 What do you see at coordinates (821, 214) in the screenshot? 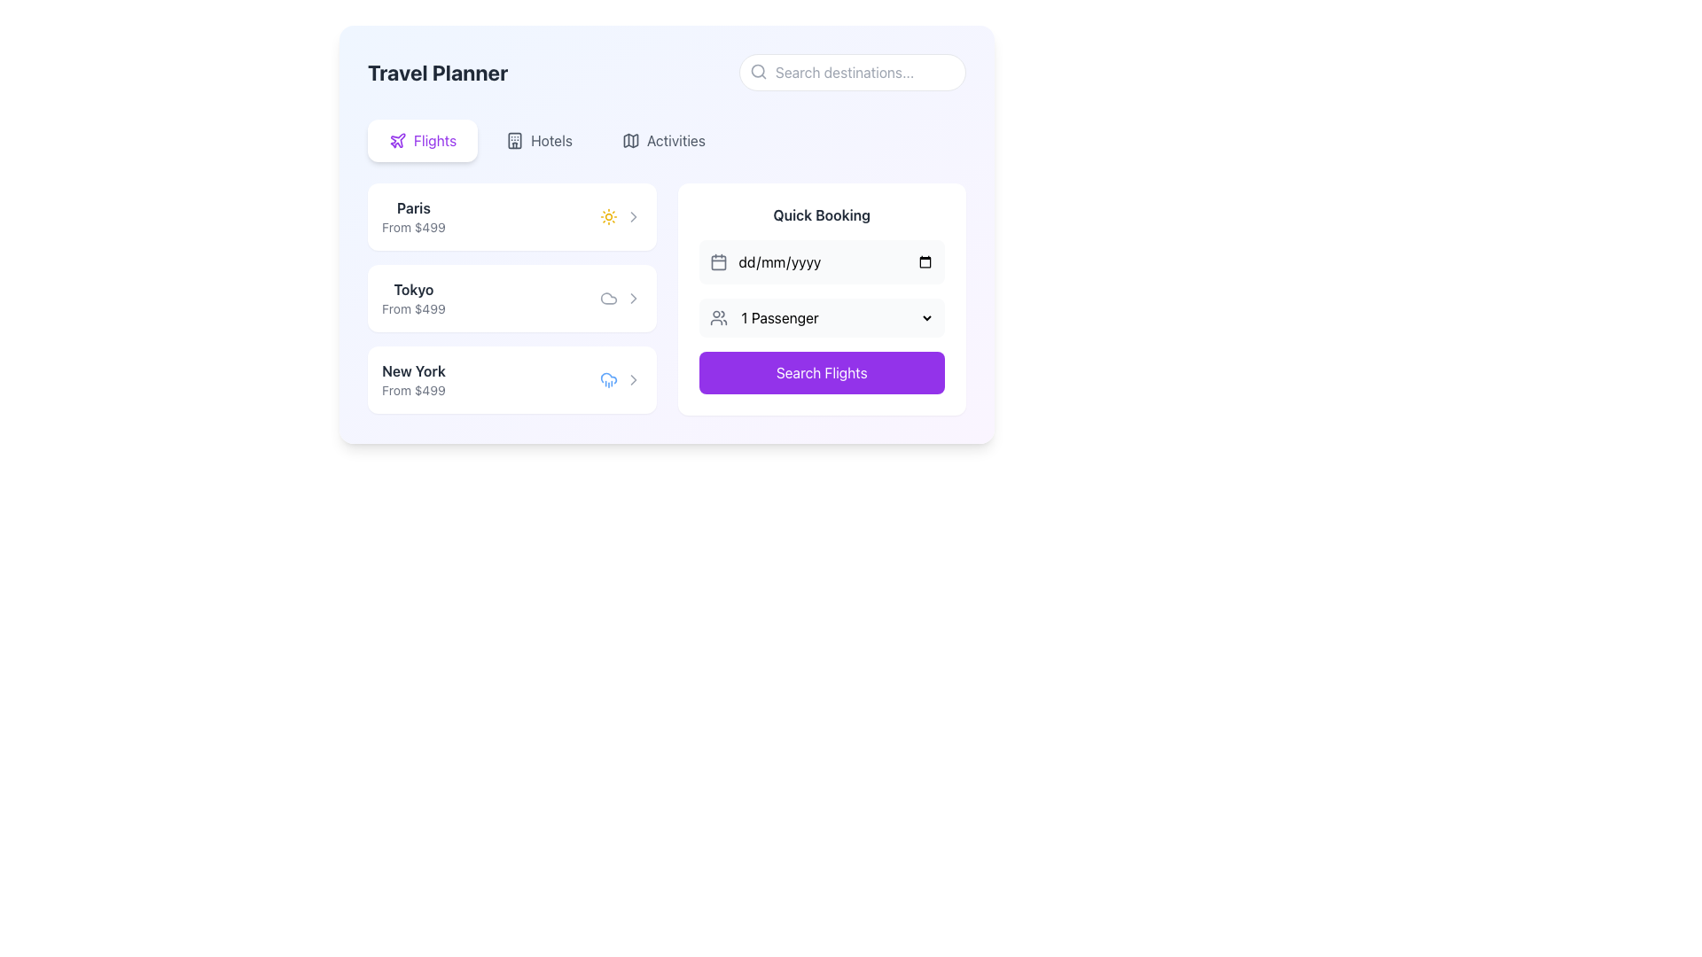
I see `the text header 'Quick Booking' which is styled in bold dark gray, located at the top of a white card-like interface` at bounding box center [821, 214].